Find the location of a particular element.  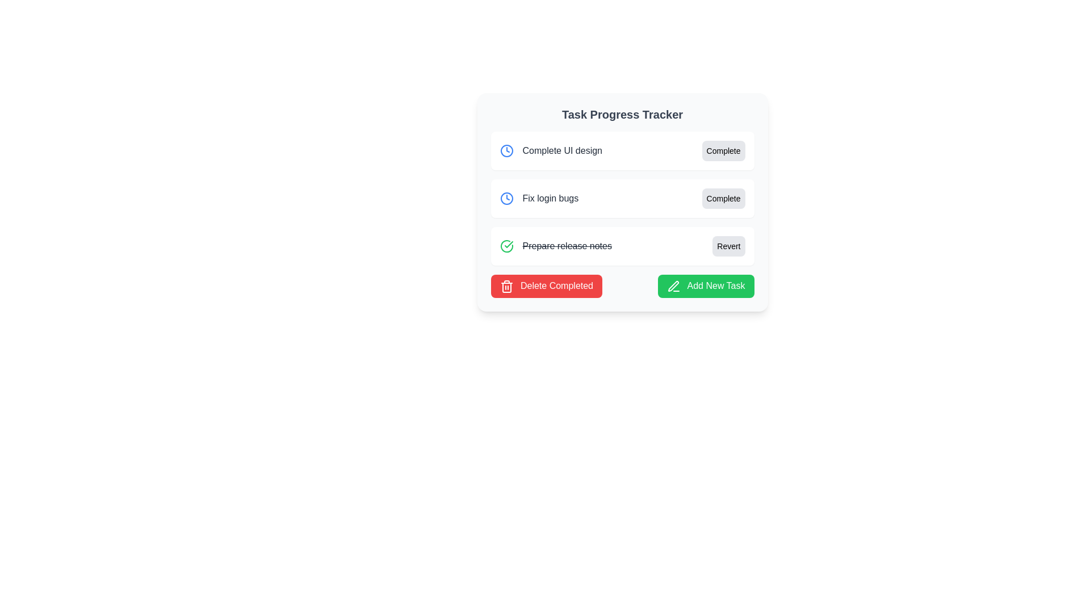

the decorative status icon indicating task completion located to the left of the task text 'Prepare release notes' in the Task Progress Tracker is located at coordinates (506, 246).